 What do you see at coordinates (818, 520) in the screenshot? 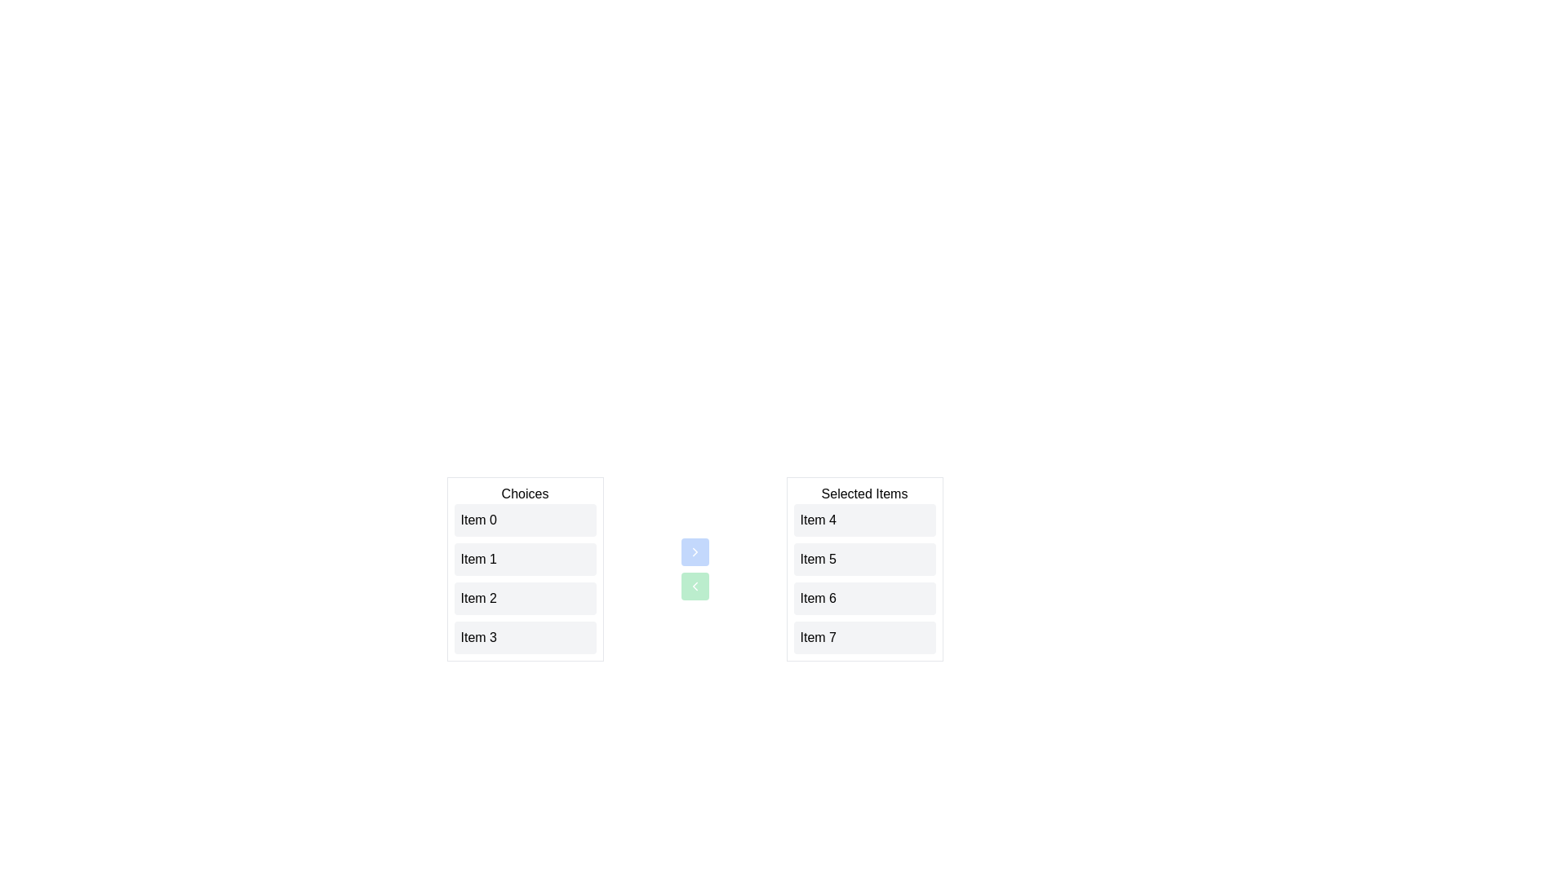
I see `the text label displaying 'Item 4' located in the first item of the 'Selected Items' column` at bounding box center [818, 520].